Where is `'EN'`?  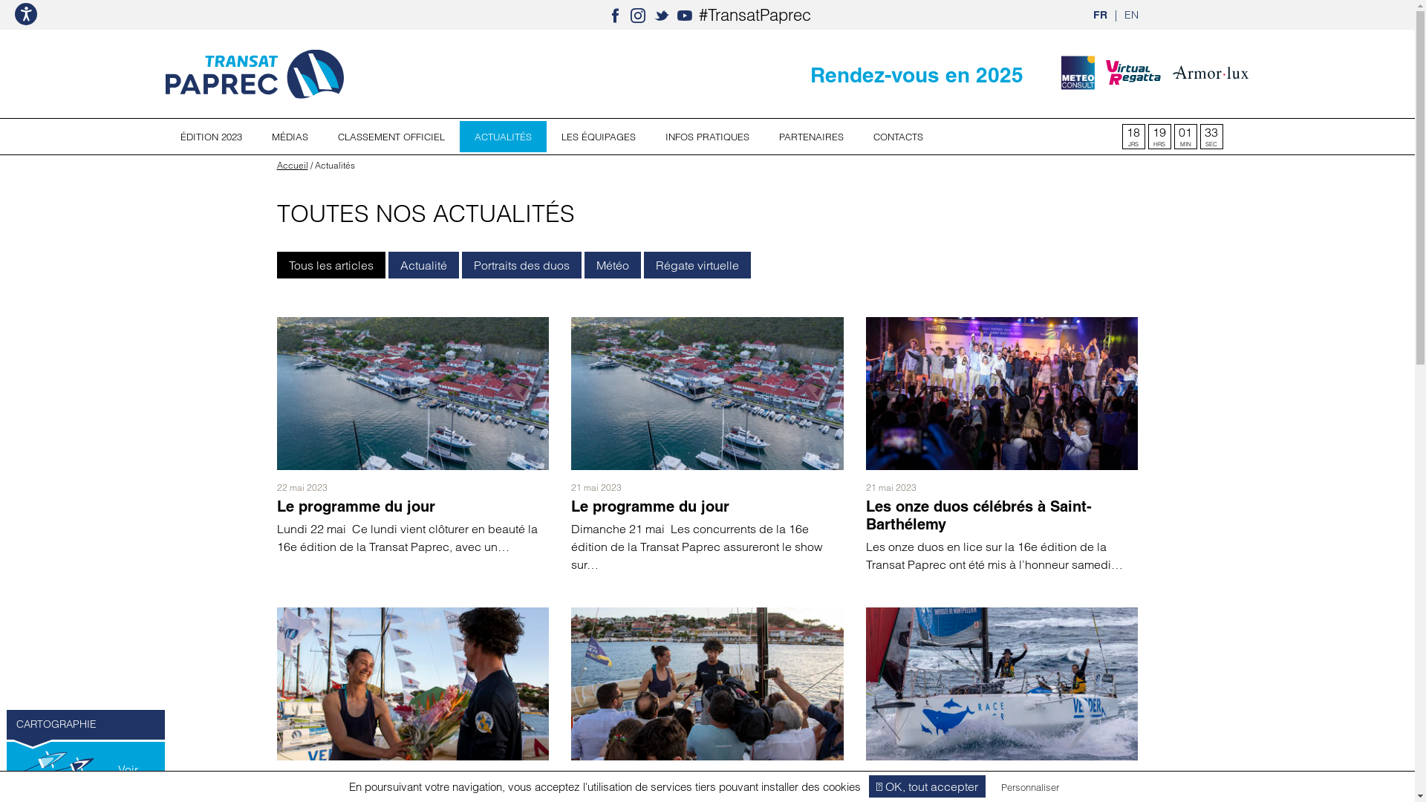 'EN' is located at coordinates (1130, 14).